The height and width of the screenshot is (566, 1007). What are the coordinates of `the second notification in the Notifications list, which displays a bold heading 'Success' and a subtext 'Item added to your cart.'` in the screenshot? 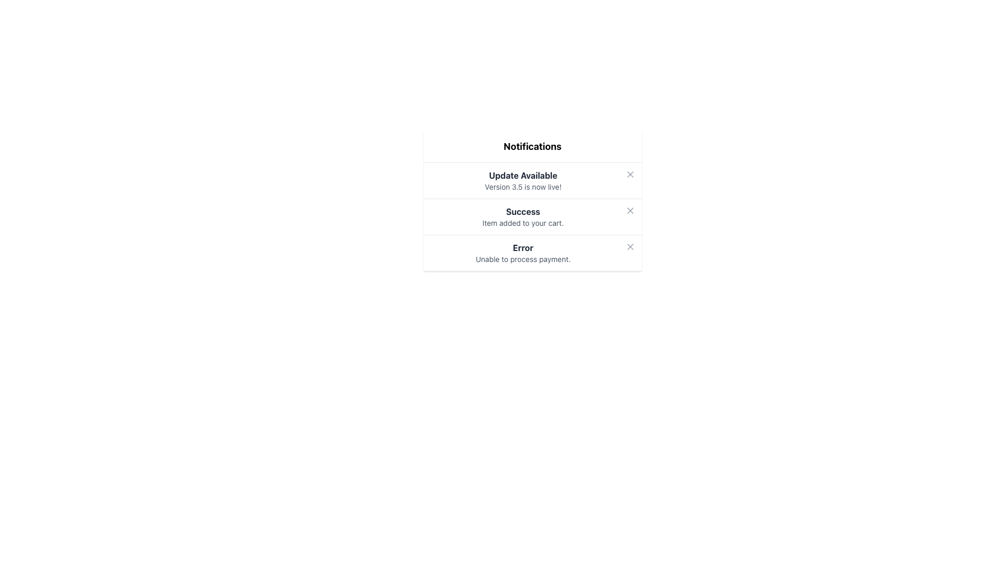 It's located at (532, 216).